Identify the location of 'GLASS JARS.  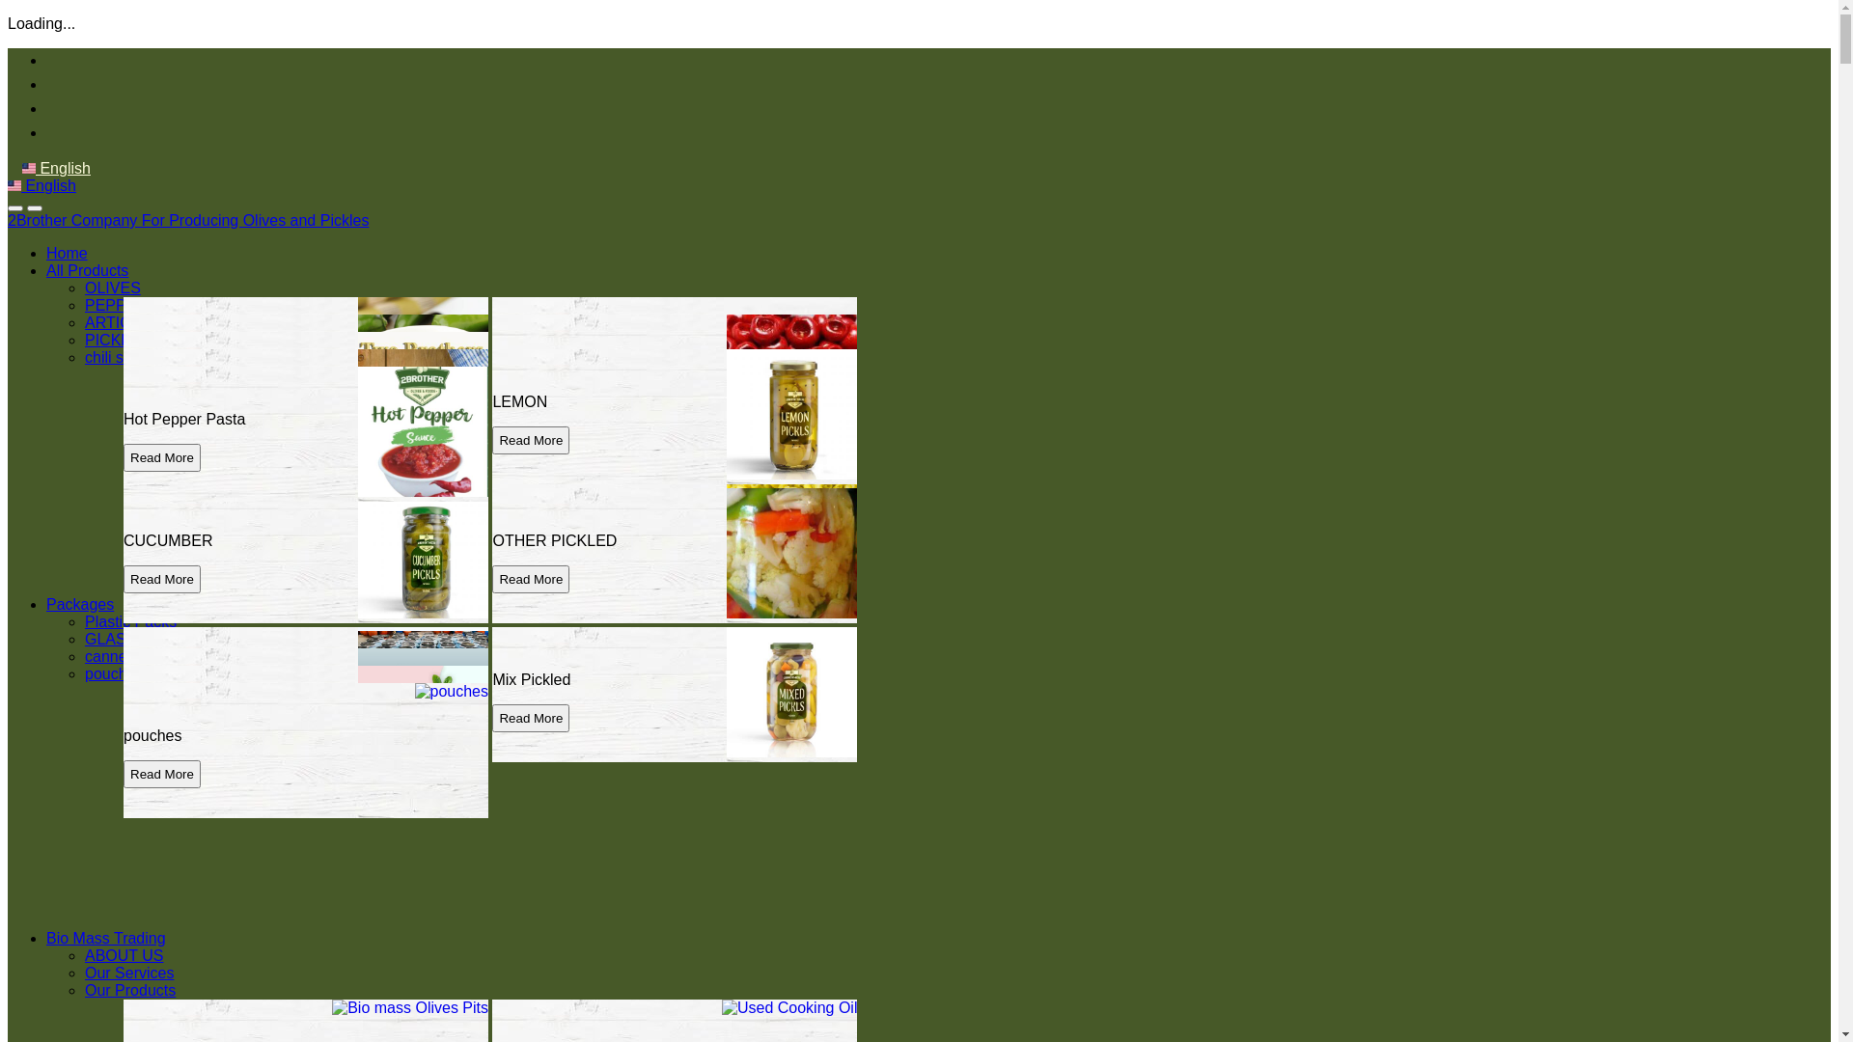
(123, 715).